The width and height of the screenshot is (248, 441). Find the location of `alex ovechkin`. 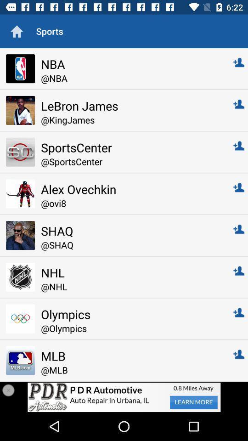

alex ovechkin is located at coordinates (130, 188).